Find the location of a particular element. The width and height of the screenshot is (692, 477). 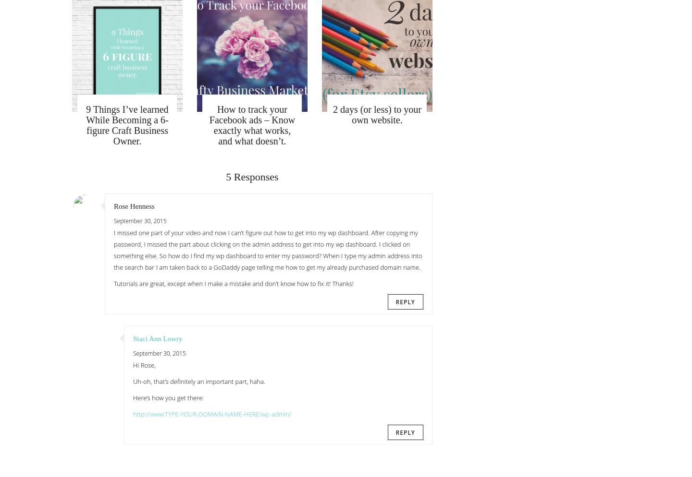

'http://www.TYPE-YOUR-DOMAIN-NAME-HERE/wp-admin/' is located at coordinates (212, 414).